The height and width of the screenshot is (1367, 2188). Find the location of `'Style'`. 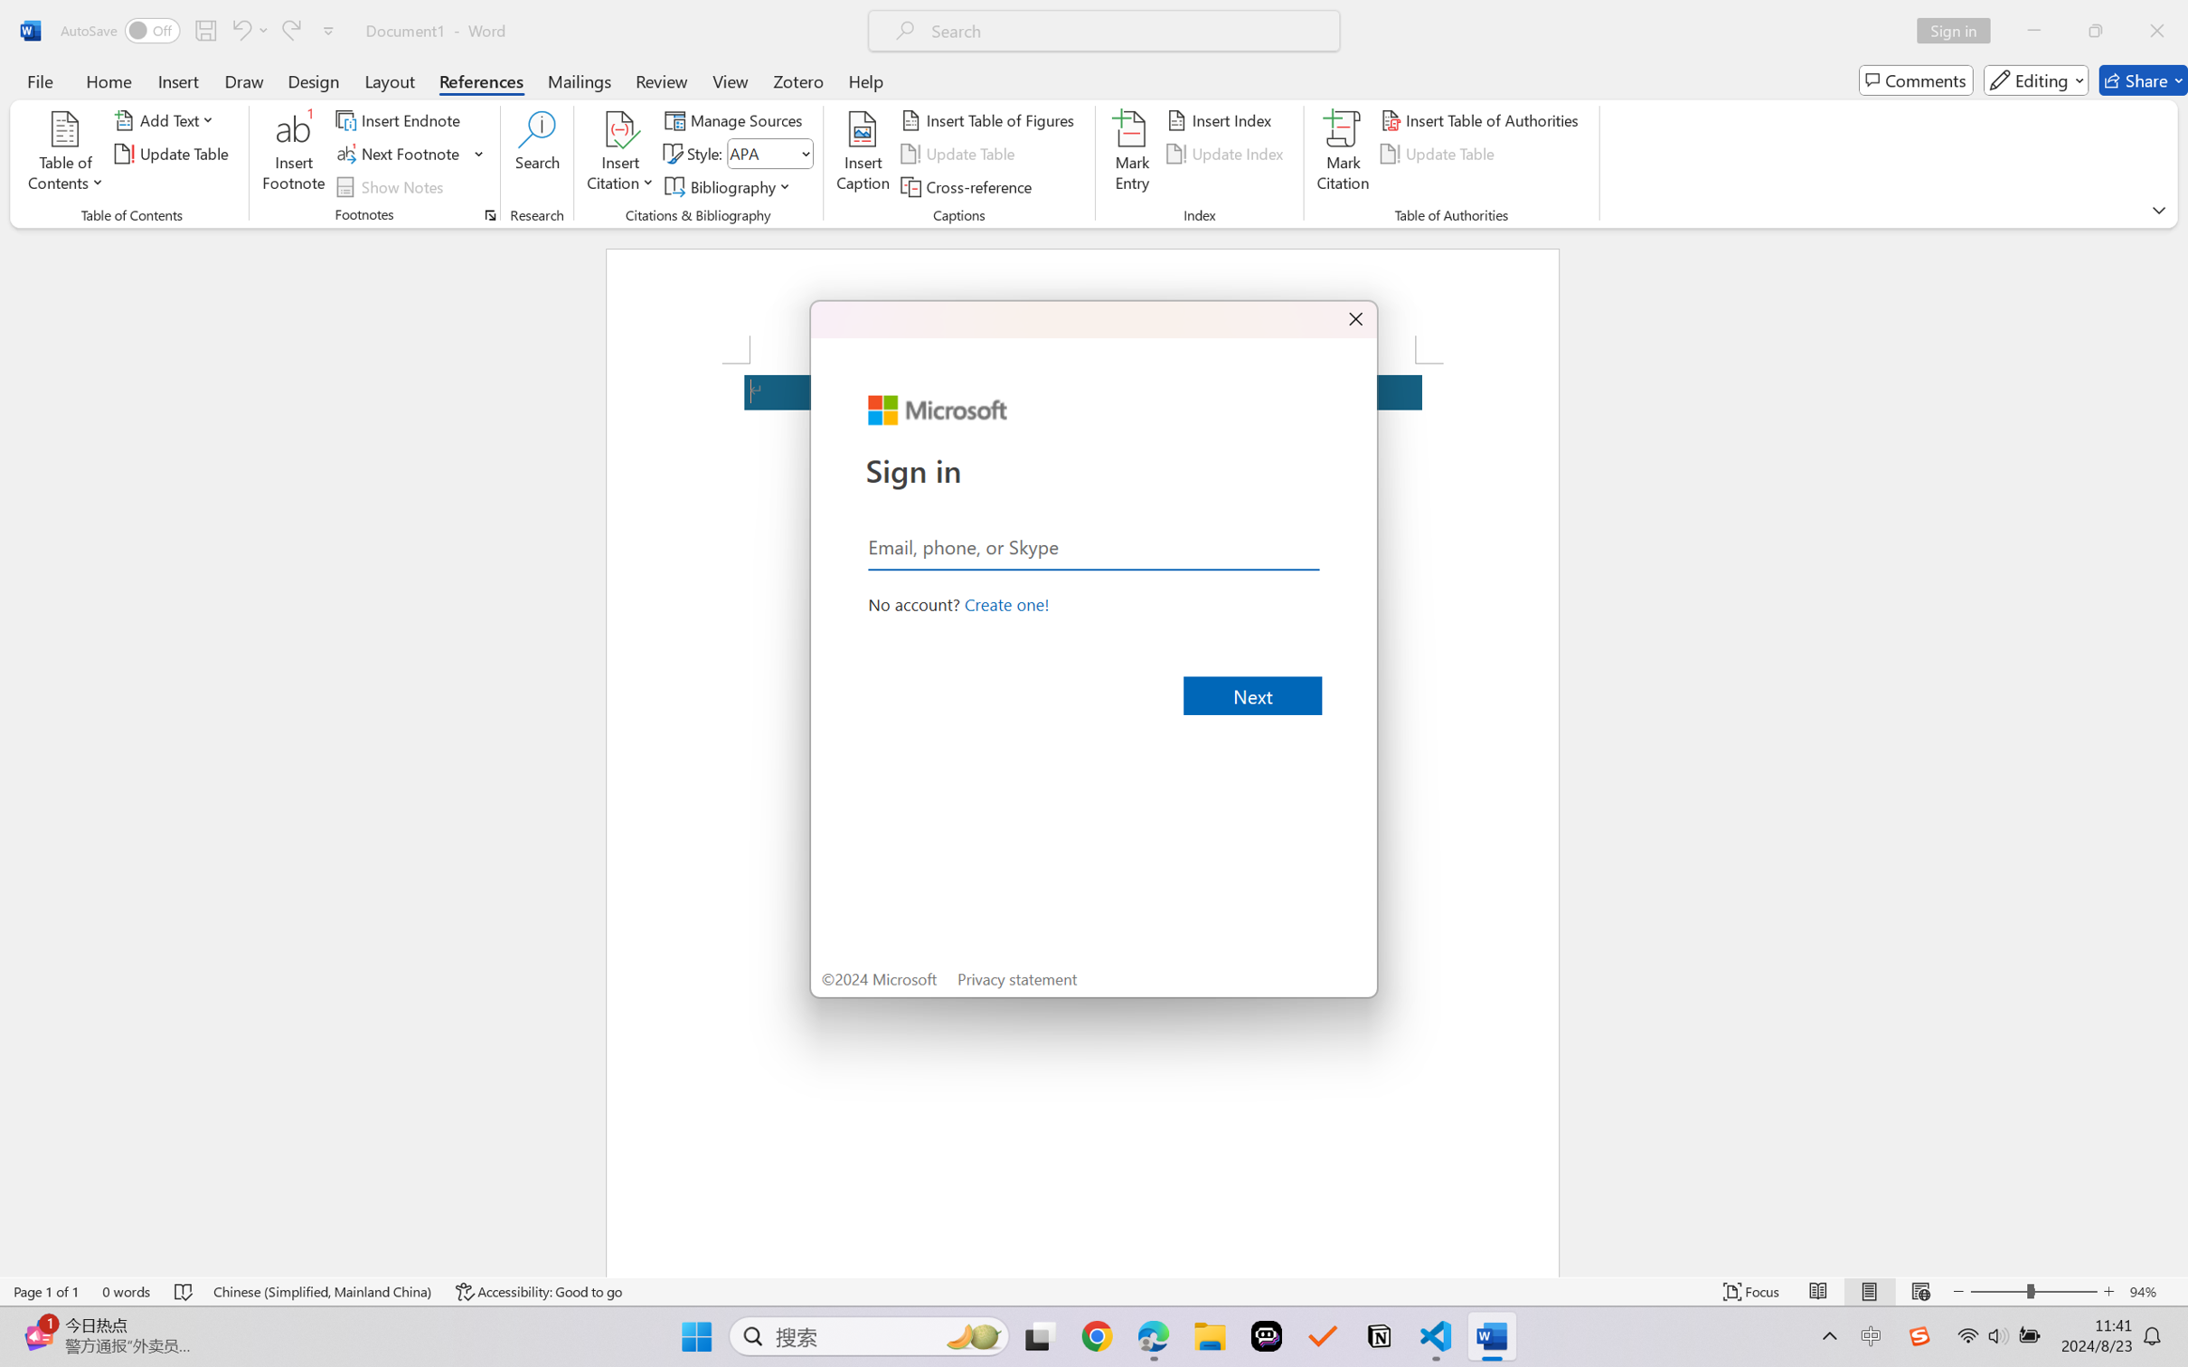

'Style' is located at coordinates (769, 154).